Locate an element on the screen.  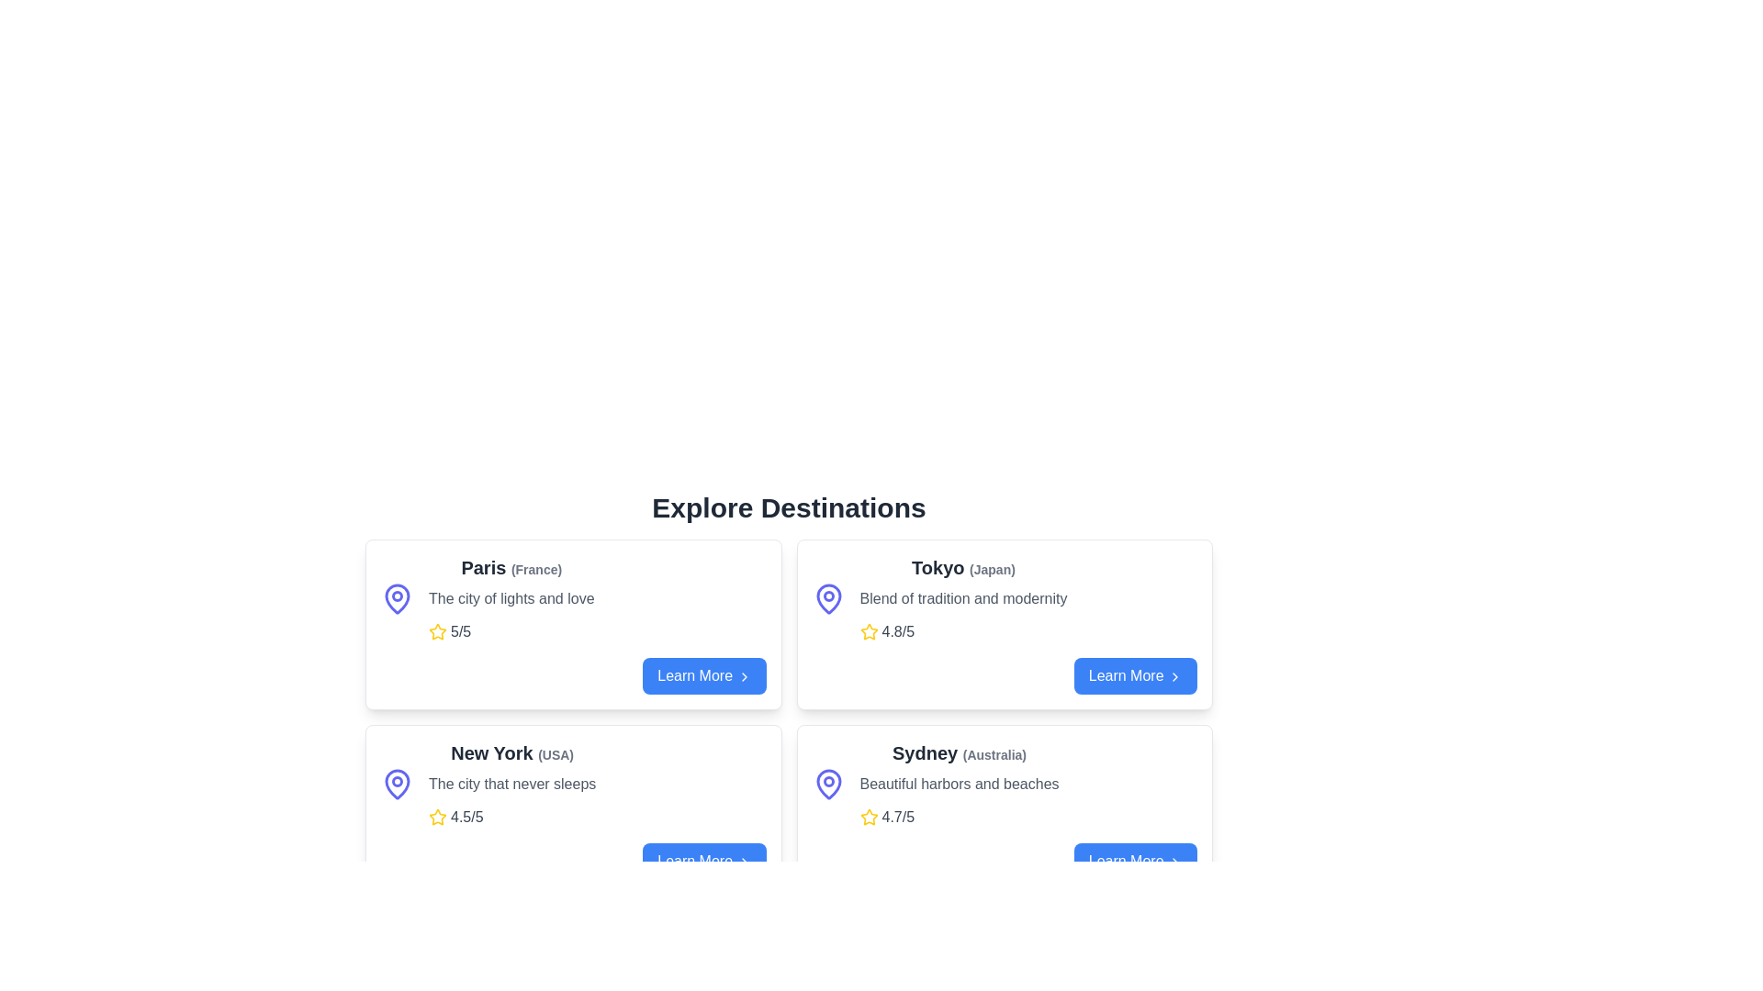
the star icon that indicates the rating of 4.7/5, located in the bottom row of the grid layout in the fourth quadrant for Sydney, Australia is located at coordinates (868, 816).